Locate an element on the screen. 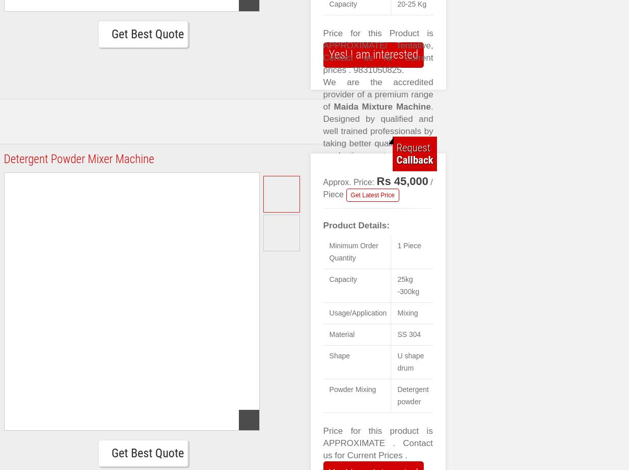  'High performance' is located at coordinates (323, 302).